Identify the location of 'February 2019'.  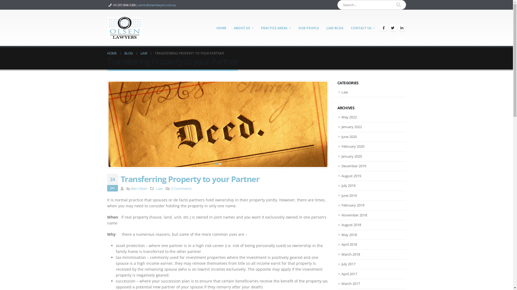
(353, 205).